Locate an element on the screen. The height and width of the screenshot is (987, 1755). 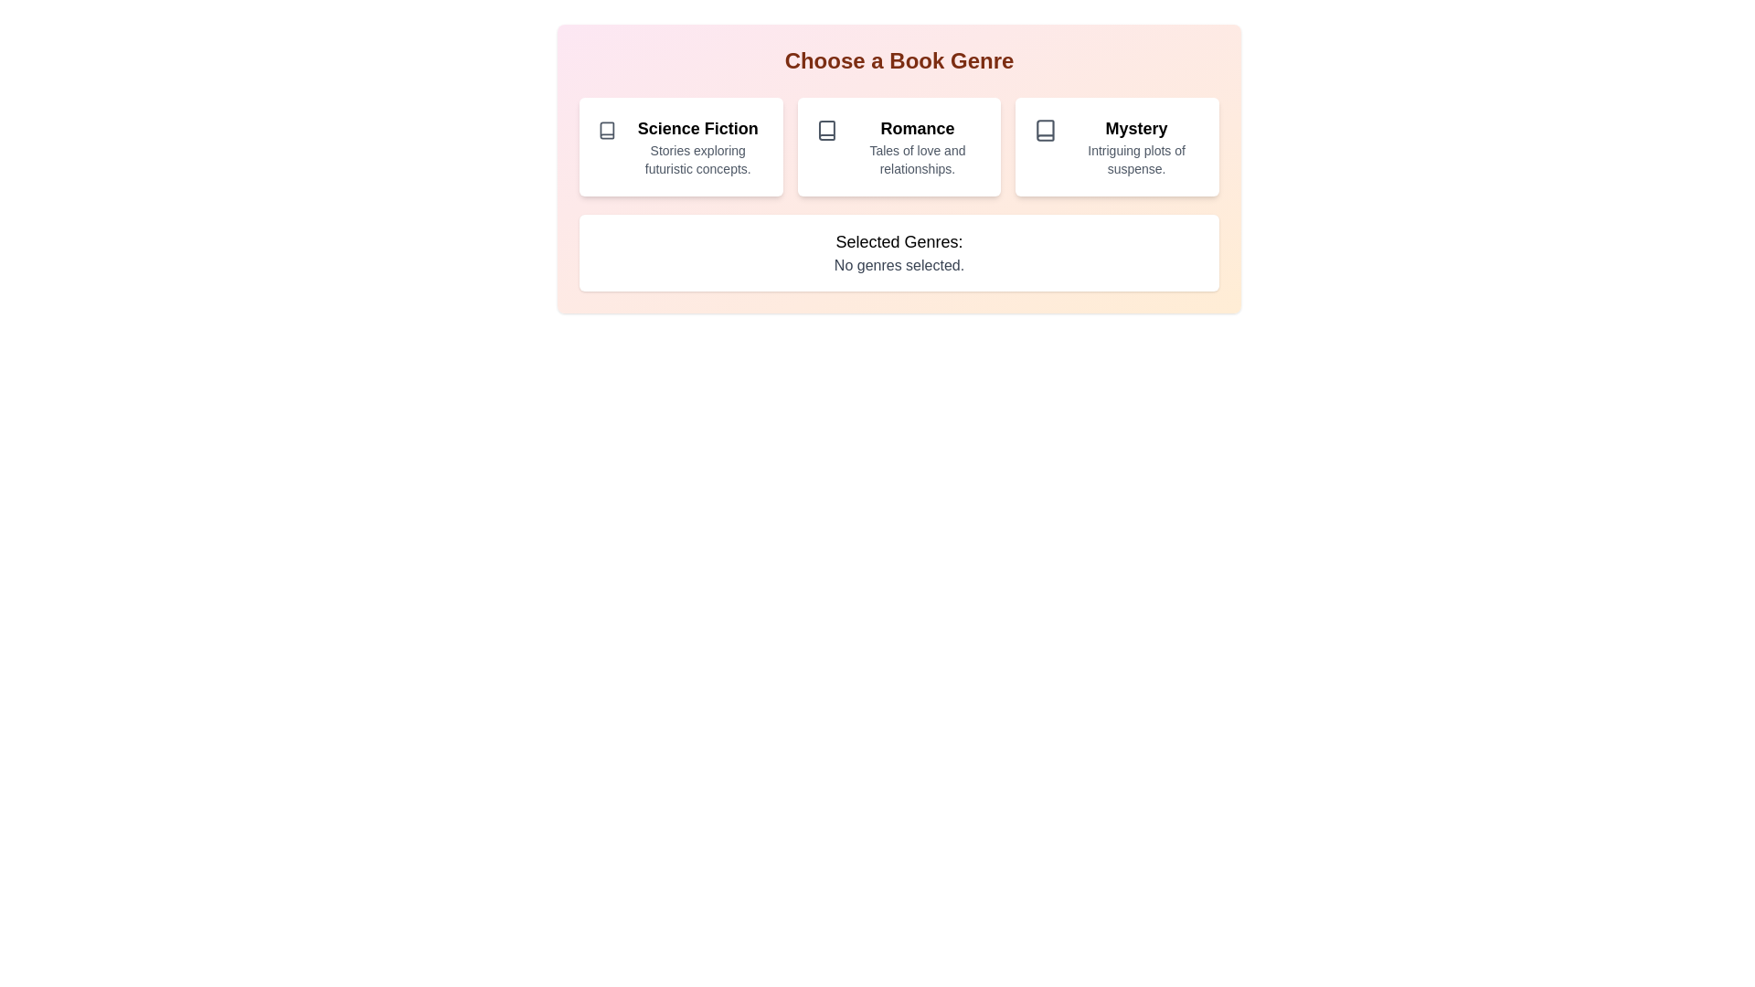
the book icon located in the top-left portion of the 'Mystery' genre card under the 'Choose a Book Genre' section is located at coordinates (1046, 129).